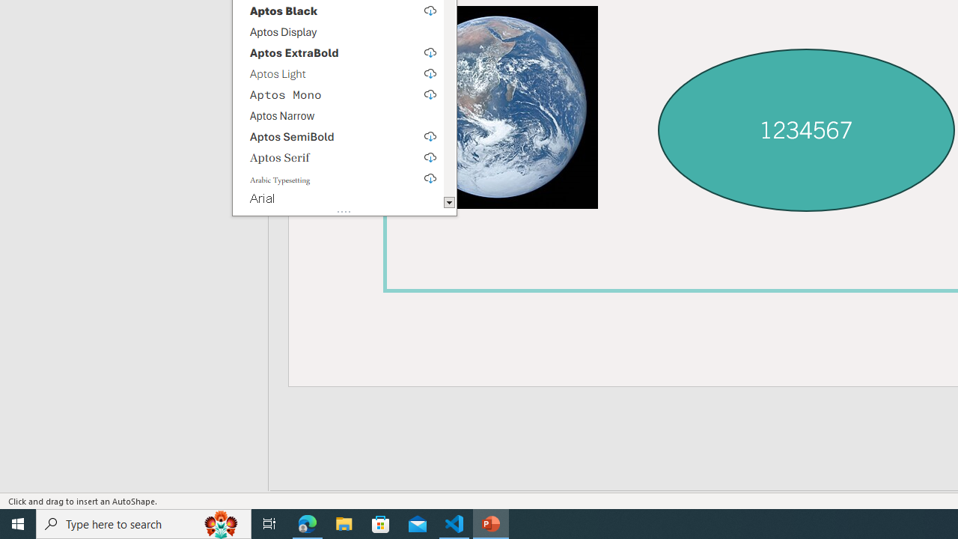 Image resolution: width=958 pixels, height=539 pixels. Describe the element at coordinates (448, 203) in the screenshot. I see `'Line down'` at that location.